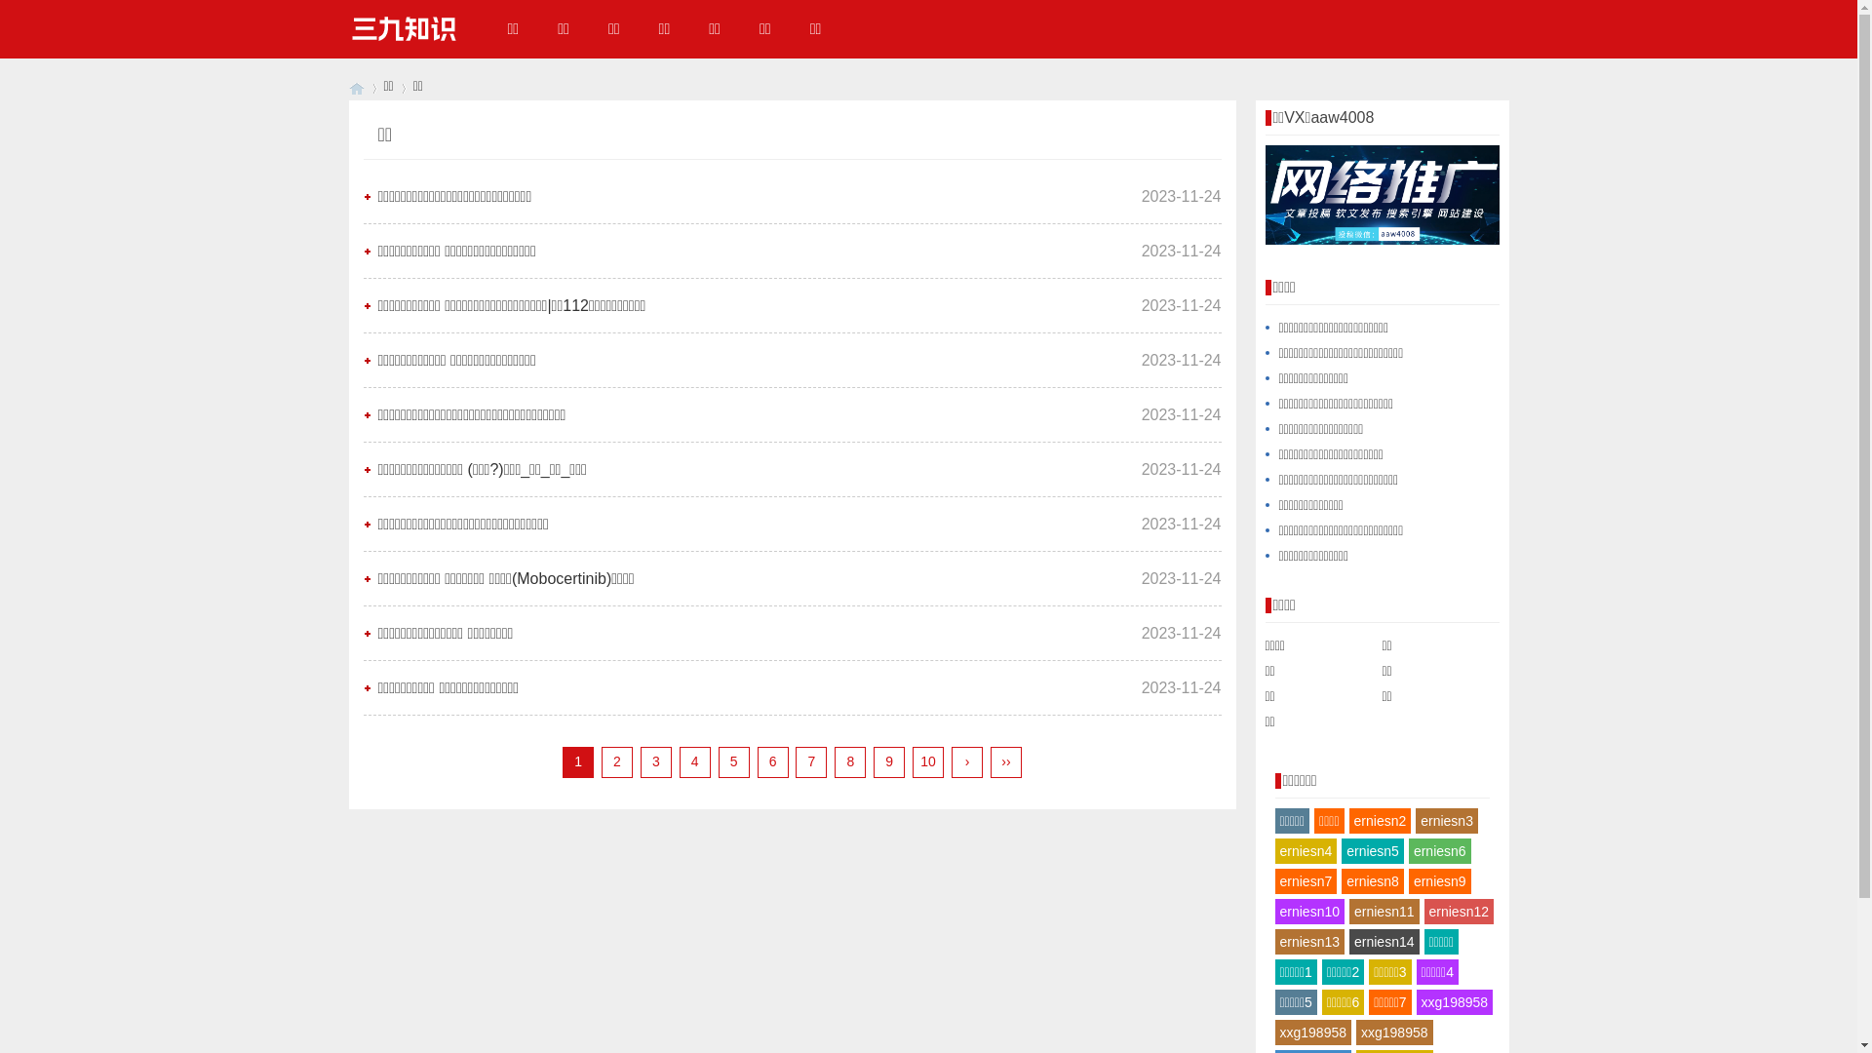 The height and width of the screenshot is (1053, 1872). What do you see at coordinates (834, 761) in the screenshot?
I see `'8'` at bounding box center [834, 761].